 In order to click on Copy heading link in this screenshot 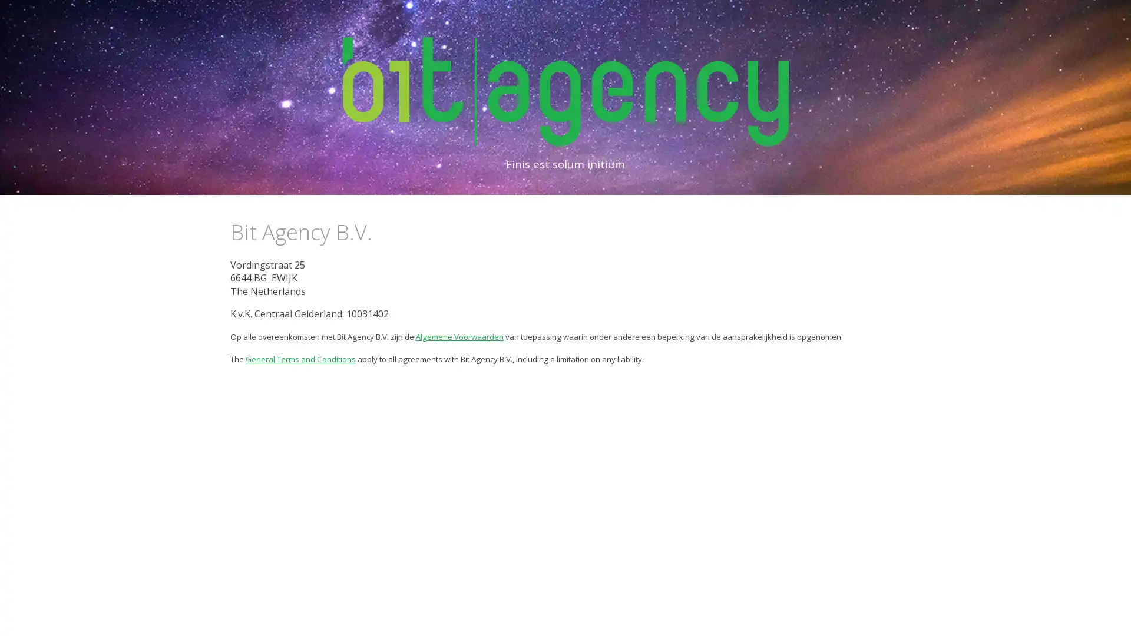, I will do `click(385, 231)`.